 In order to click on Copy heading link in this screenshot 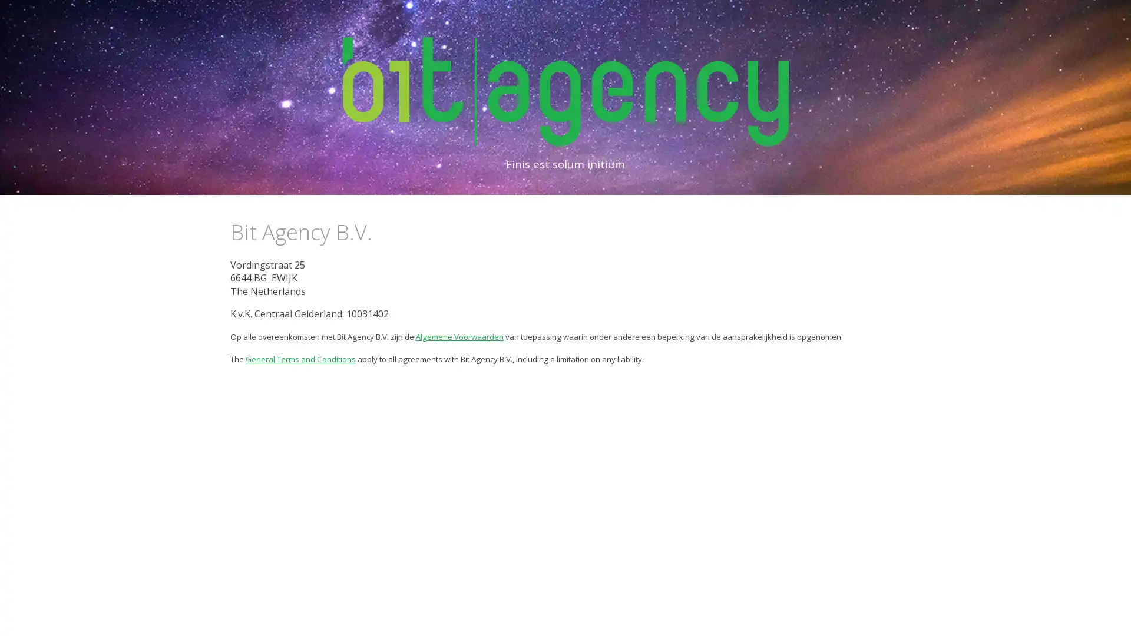, I will do `click(385, 231)`.